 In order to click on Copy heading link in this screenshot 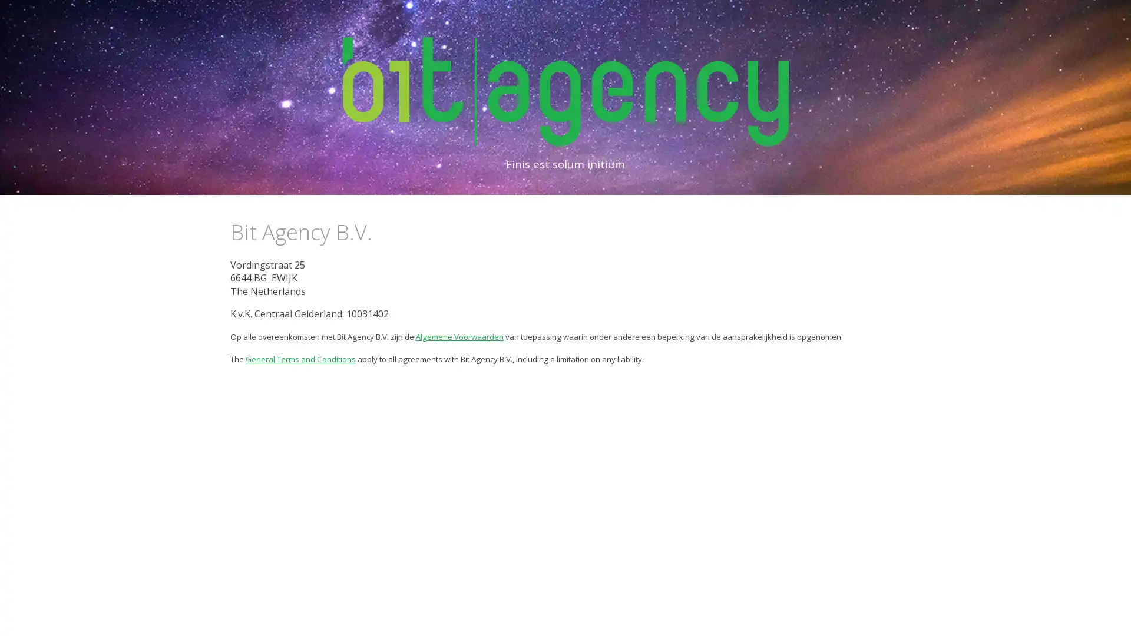, I will do `click(385, 231)`.